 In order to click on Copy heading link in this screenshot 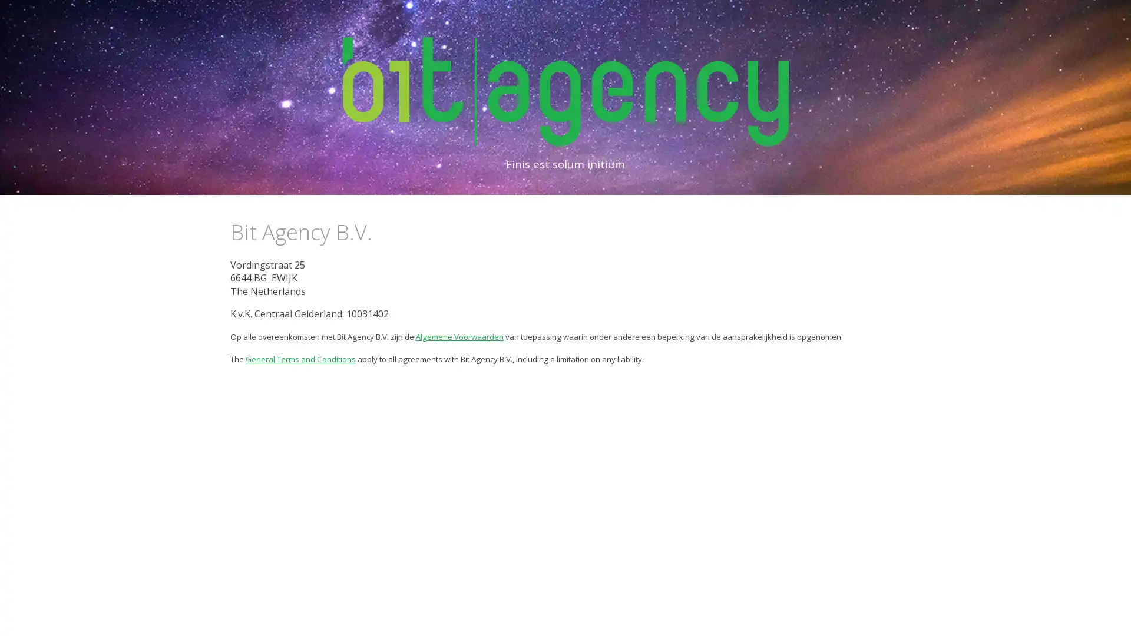, I will do `click(385, 231)`.